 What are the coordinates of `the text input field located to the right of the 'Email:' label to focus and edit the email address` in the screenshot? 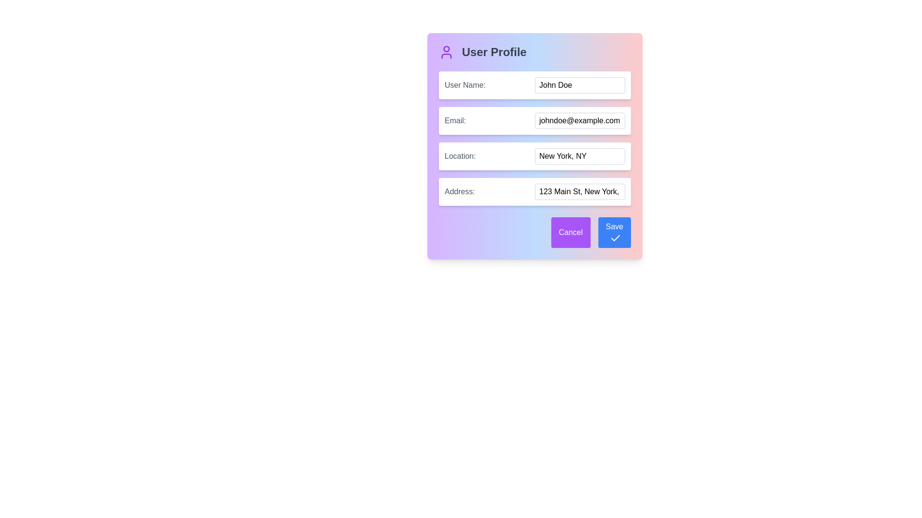 It's located at (580, 120).